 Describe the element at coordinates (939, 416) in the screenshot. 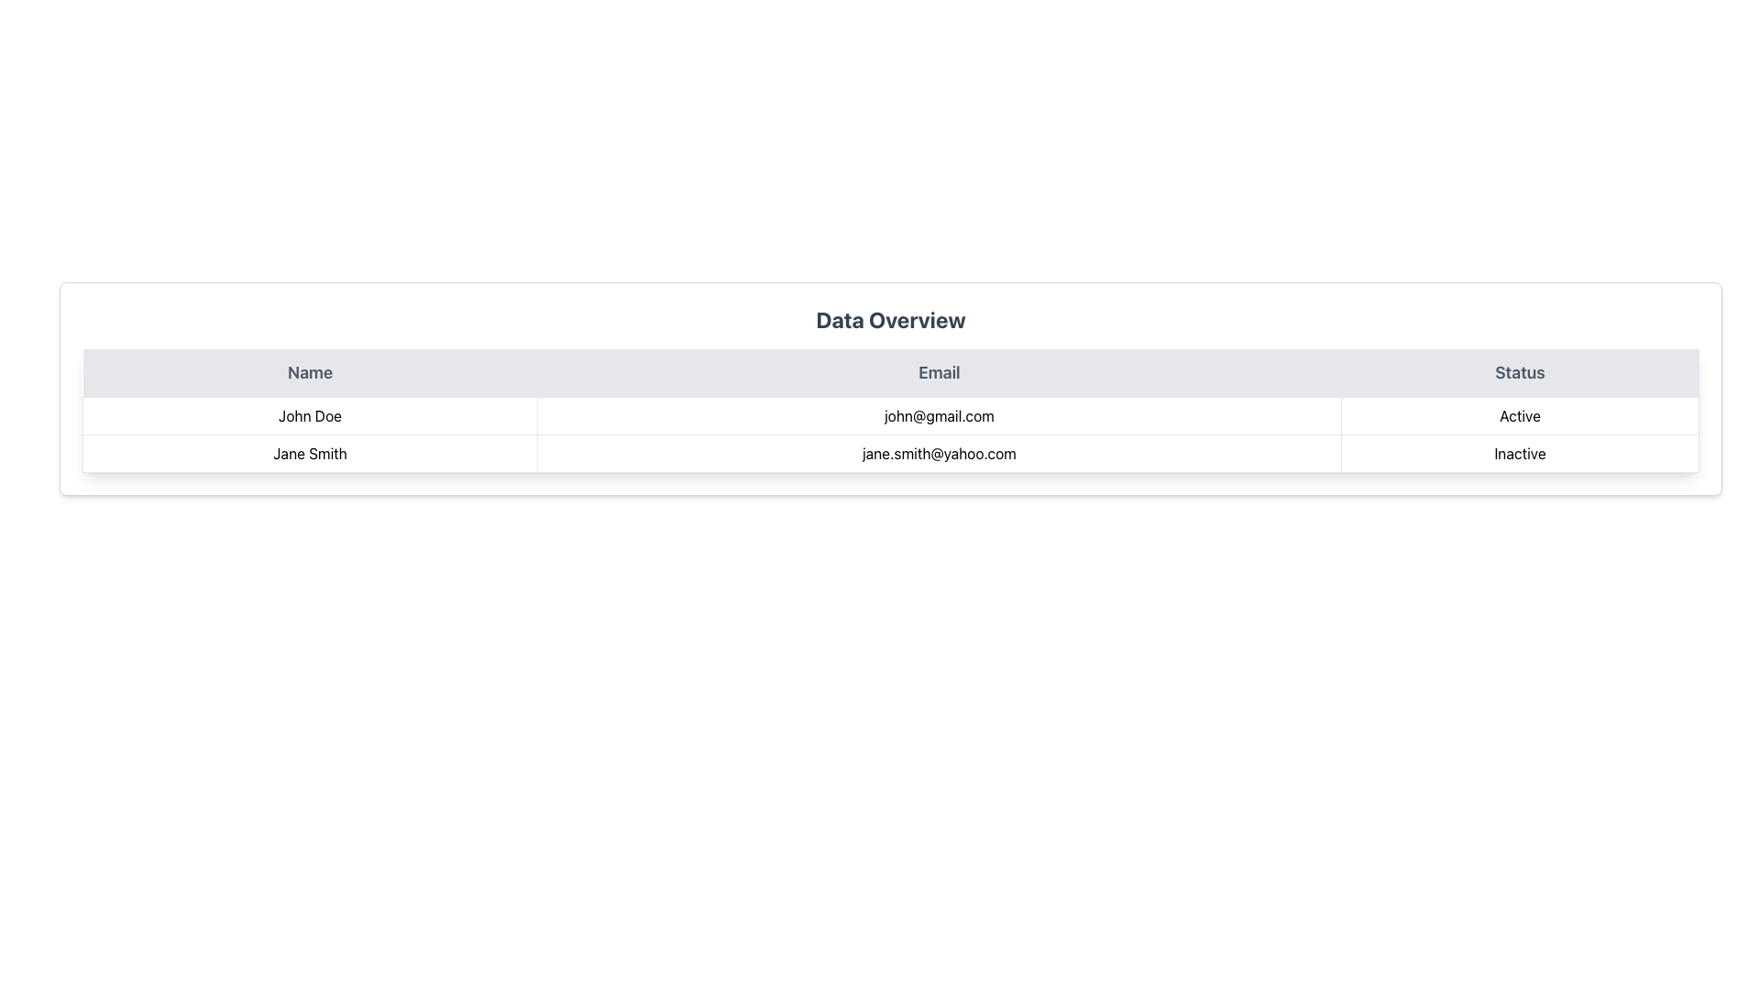

I see `the email address displayed for user 'John Doe' in the second column of the table` at that location.